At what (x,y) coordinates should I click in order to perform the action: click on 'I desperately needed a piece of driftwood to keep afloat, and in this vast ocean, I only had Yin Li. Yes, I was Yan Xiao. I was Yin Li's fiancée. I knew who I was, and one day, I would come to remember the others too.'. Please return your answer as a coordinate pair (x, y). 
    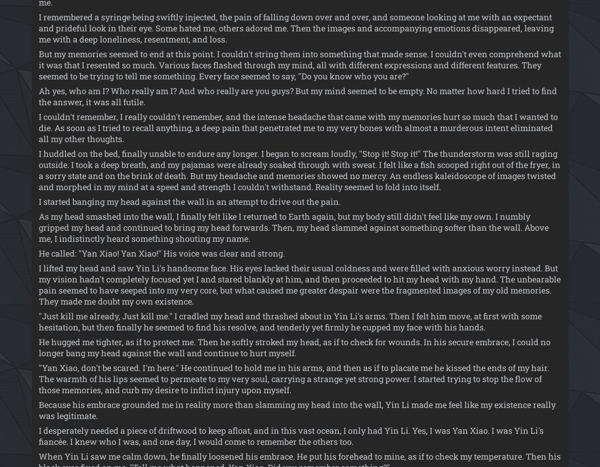
    Looking at the image, I should click on (290, 436).